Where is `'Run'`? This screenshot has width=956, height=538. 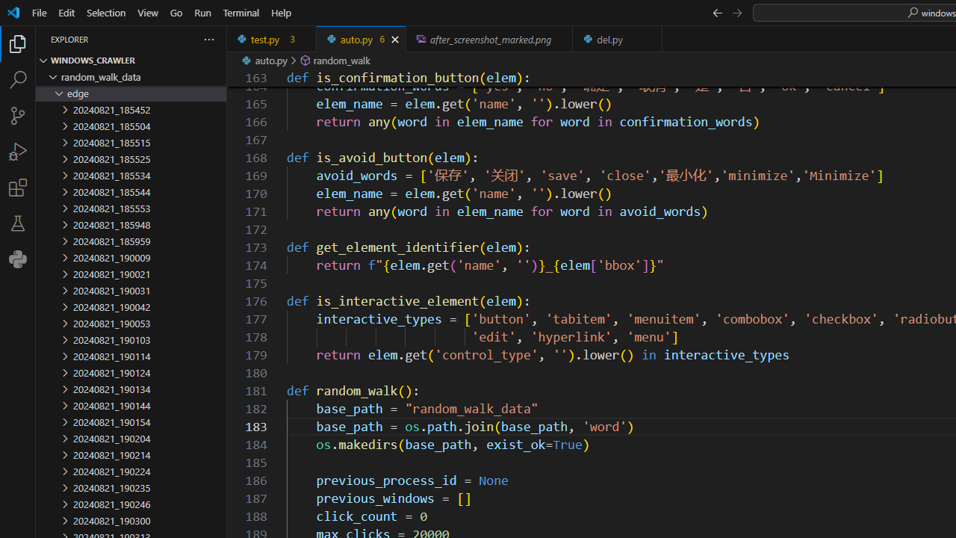 'Run' is located at coordinates (202, 12).